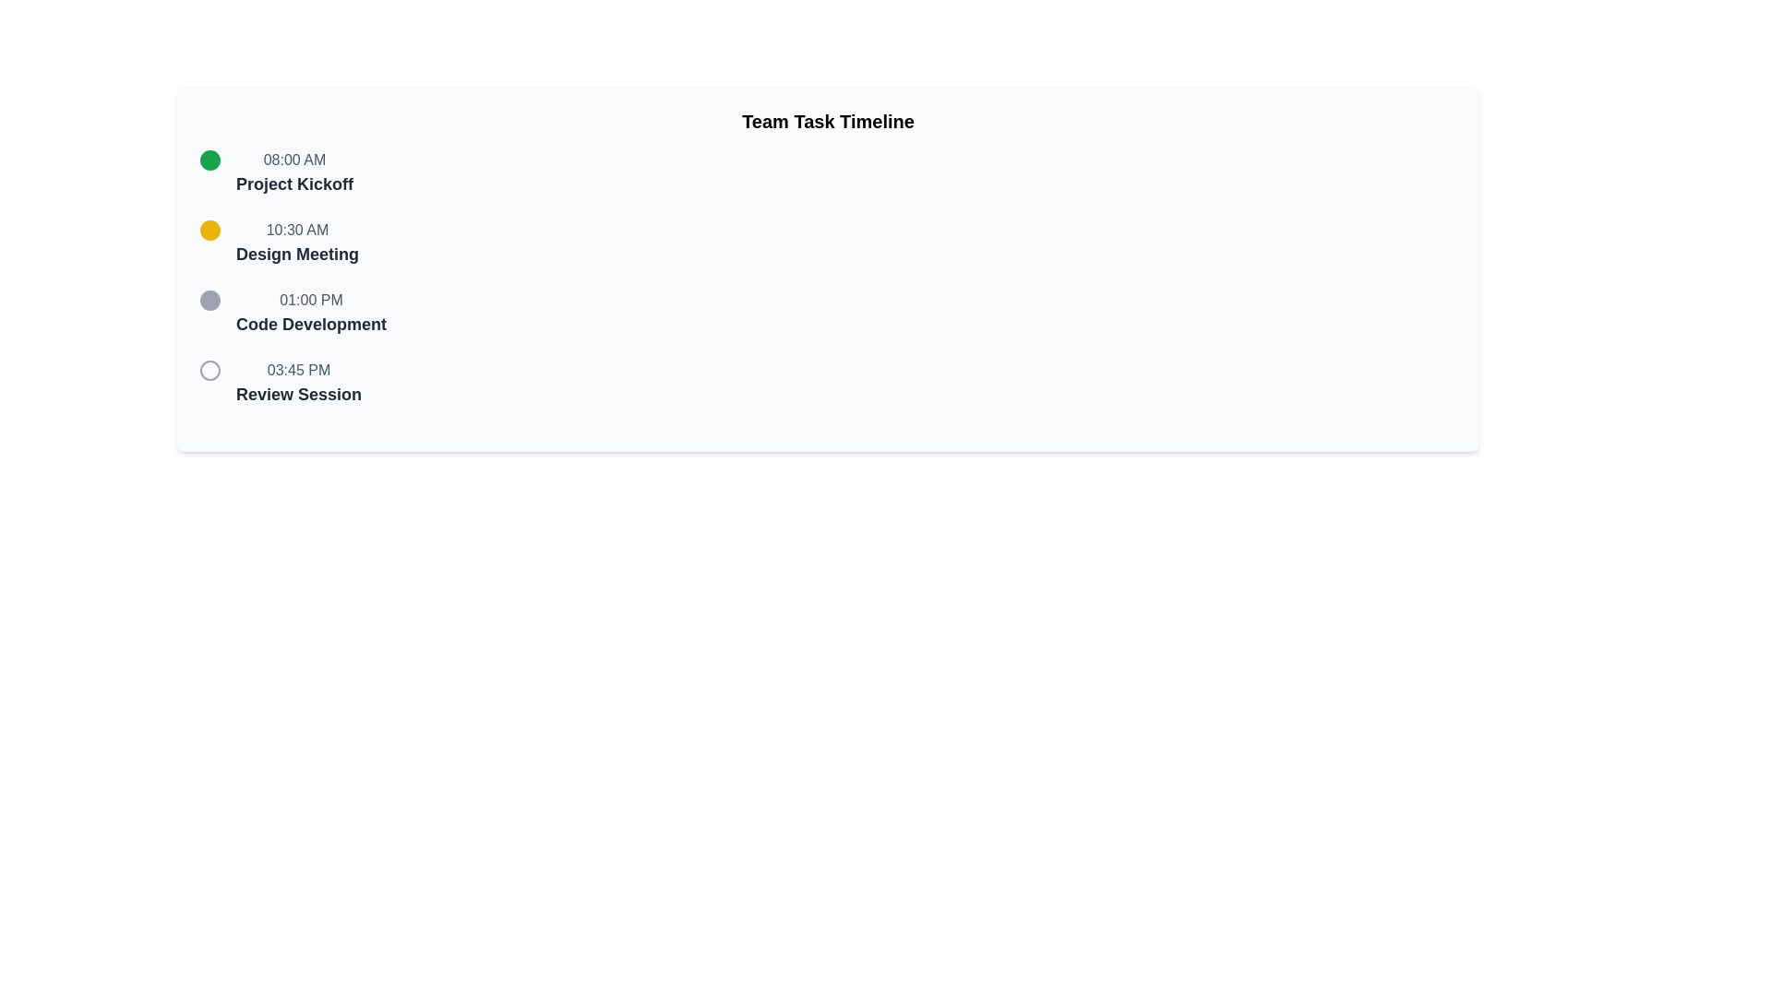 The image size is (1772, 996). I want to click on green circular graphical element representing the 'Project Kickoff' event on the timeline by clicking on its center, so click(210, 159).